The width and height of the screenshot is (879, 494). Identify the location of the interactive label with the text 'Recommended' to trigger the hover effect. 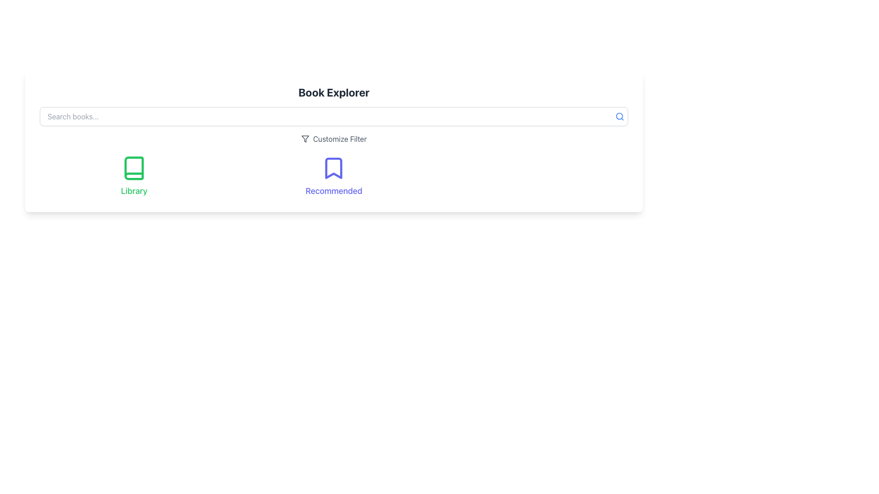
(333, 176).